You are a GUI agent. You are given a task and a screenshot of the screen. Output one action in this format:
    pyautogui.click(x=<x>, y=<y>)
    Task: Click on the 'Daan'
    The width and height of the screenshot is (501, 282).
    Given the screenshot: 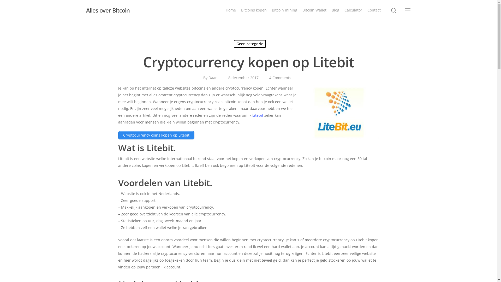 What is the action you would take?
    pyautogui.click(x=213, y=78)
    